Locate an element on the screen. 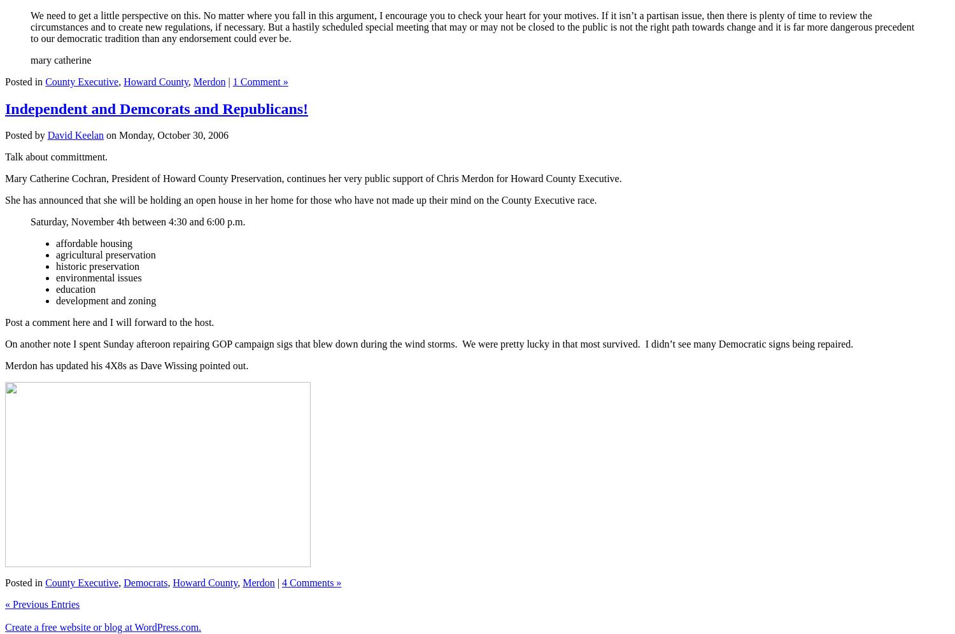 Image resolution: width=955 pixels, height=634 pixels. 'David Keelan' is located at coordinates (74, 134).